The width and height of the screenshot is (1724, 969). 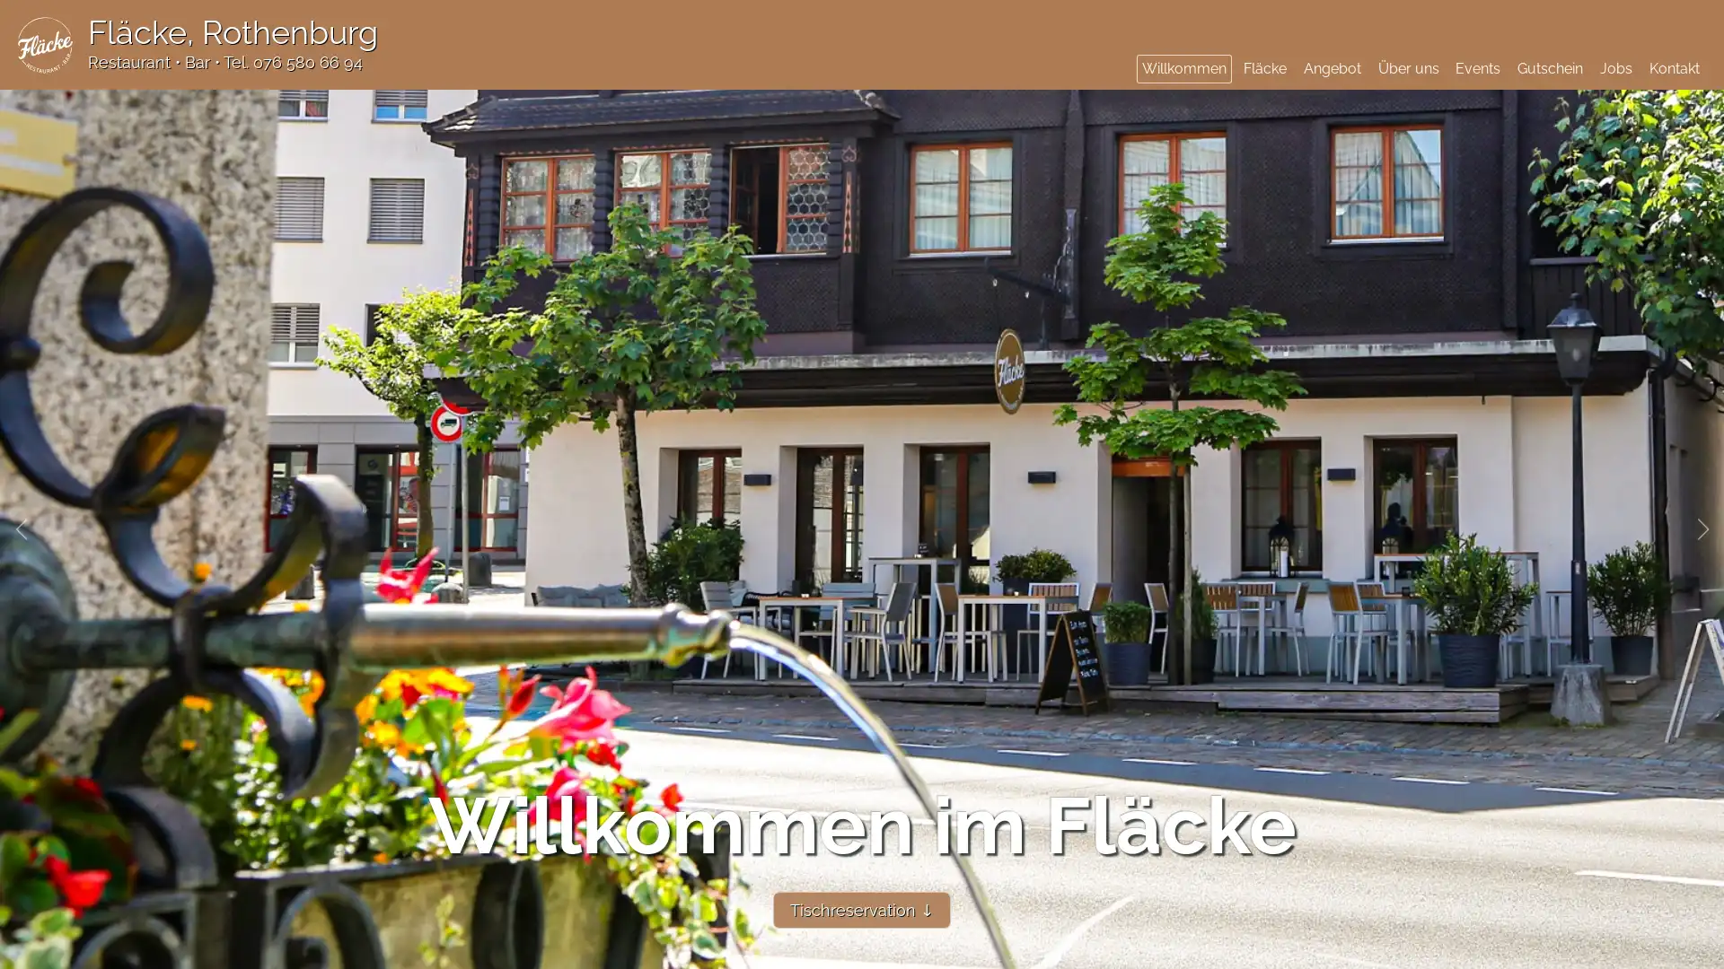 I want to click on Next slide, so click(x=1702, y=528).